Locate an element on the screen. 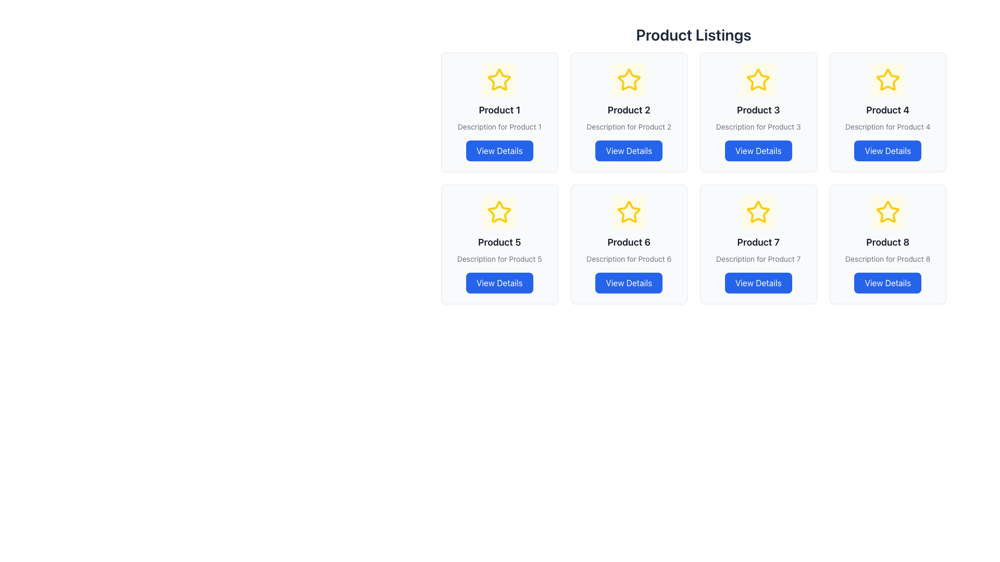 The image size is (1000, 562). the star icon in the 'Product 7' card is located at coordinates (758, 211).